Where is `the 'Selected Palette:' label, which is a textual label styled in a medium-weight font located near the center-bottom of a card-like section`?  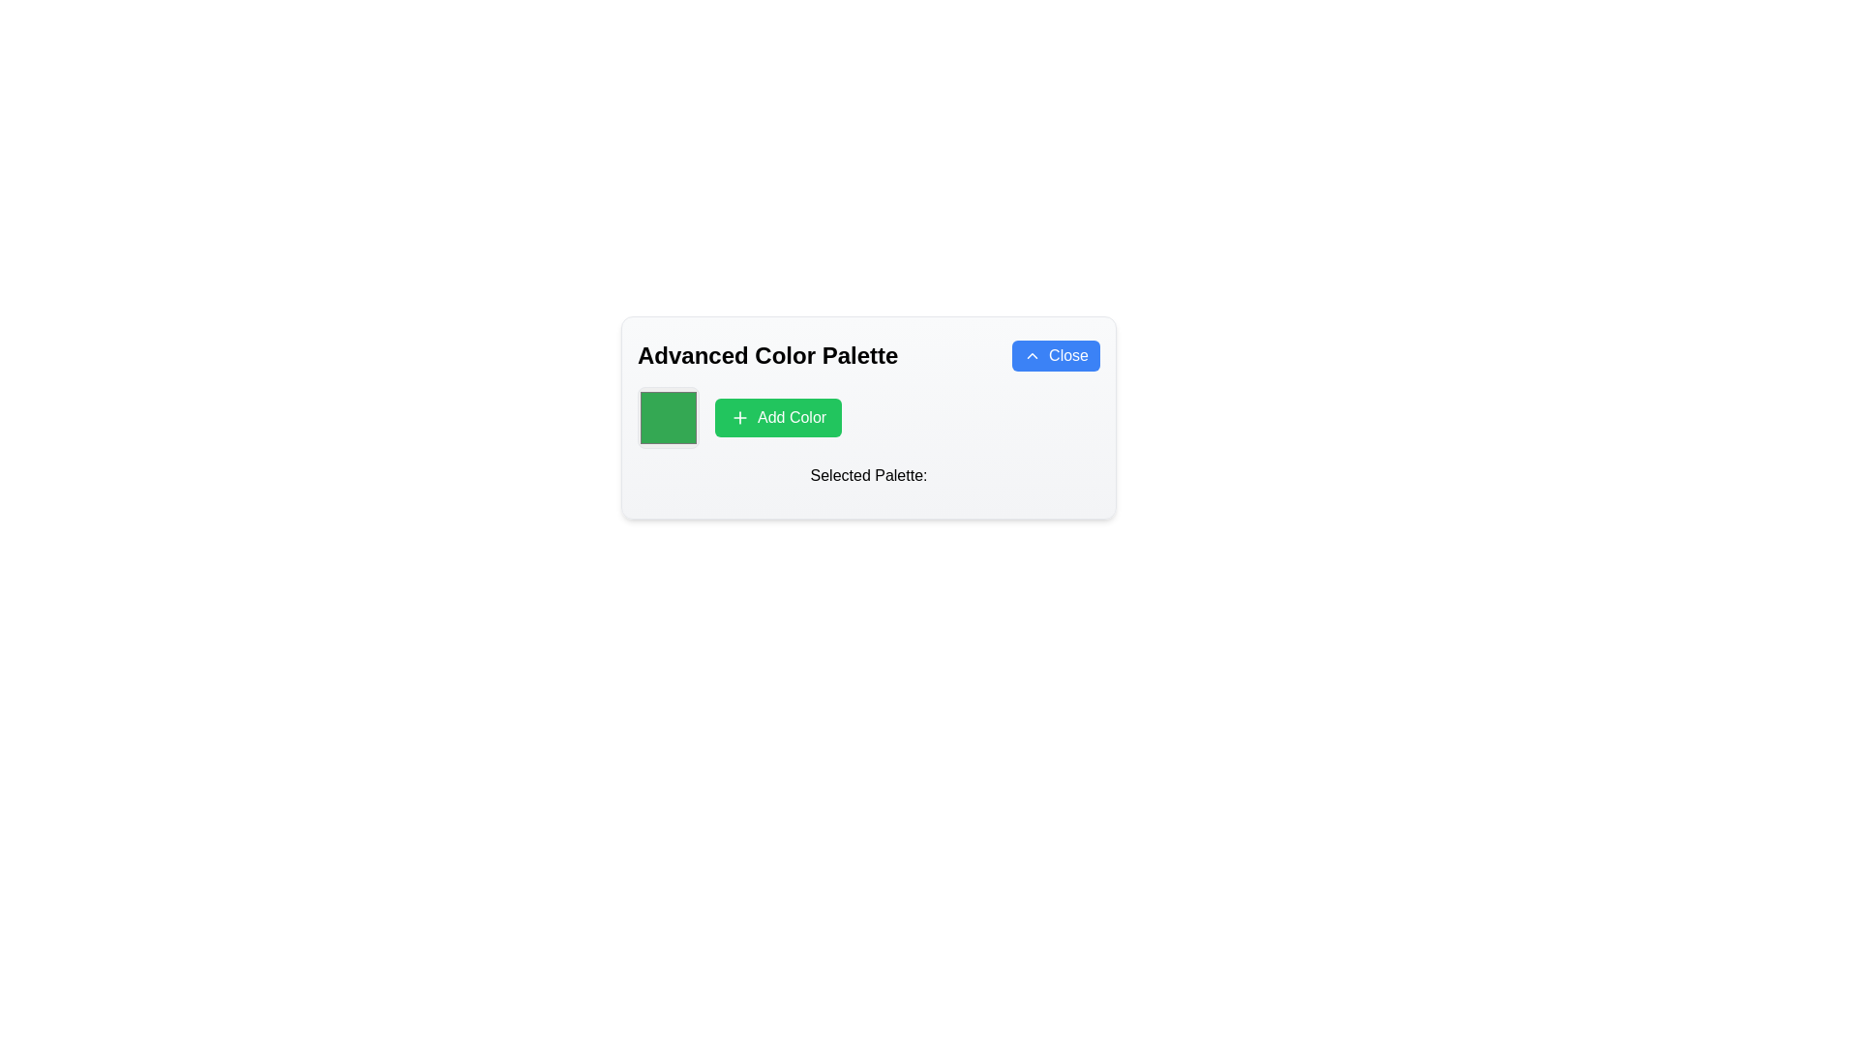 the 'Selected Palette:' label, which is a textual label styled in a medium-weight font located near the center-bottom of a card-like section is located at coordinates (867, 476).